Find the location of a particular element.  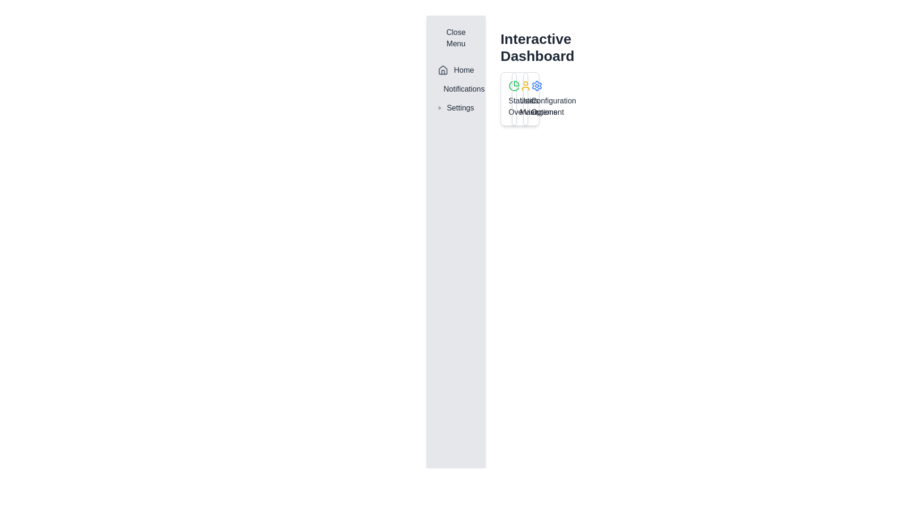

the button located at the top of the vertical navigation panel is located at coordinates (456, 38).